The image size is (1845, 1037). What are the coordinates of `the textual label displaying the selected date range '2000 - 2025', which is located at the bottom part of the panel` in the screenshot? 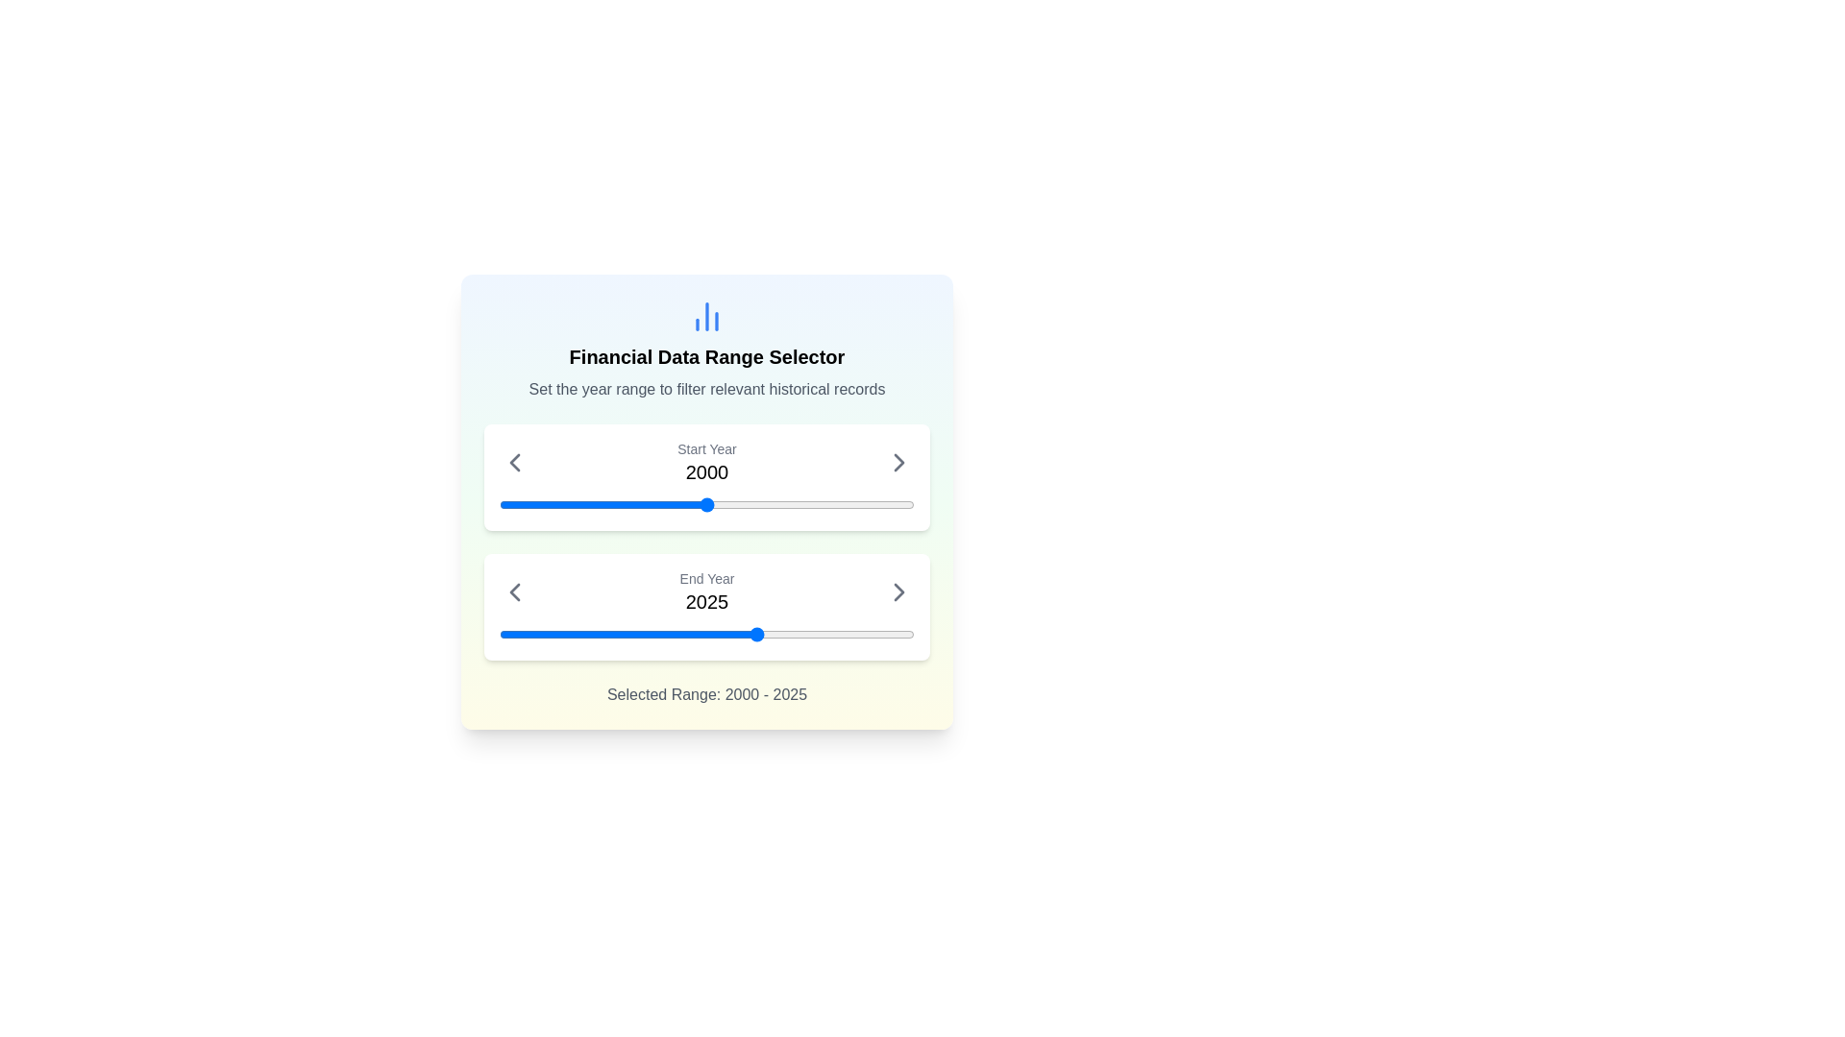 It's located at (765, 694).